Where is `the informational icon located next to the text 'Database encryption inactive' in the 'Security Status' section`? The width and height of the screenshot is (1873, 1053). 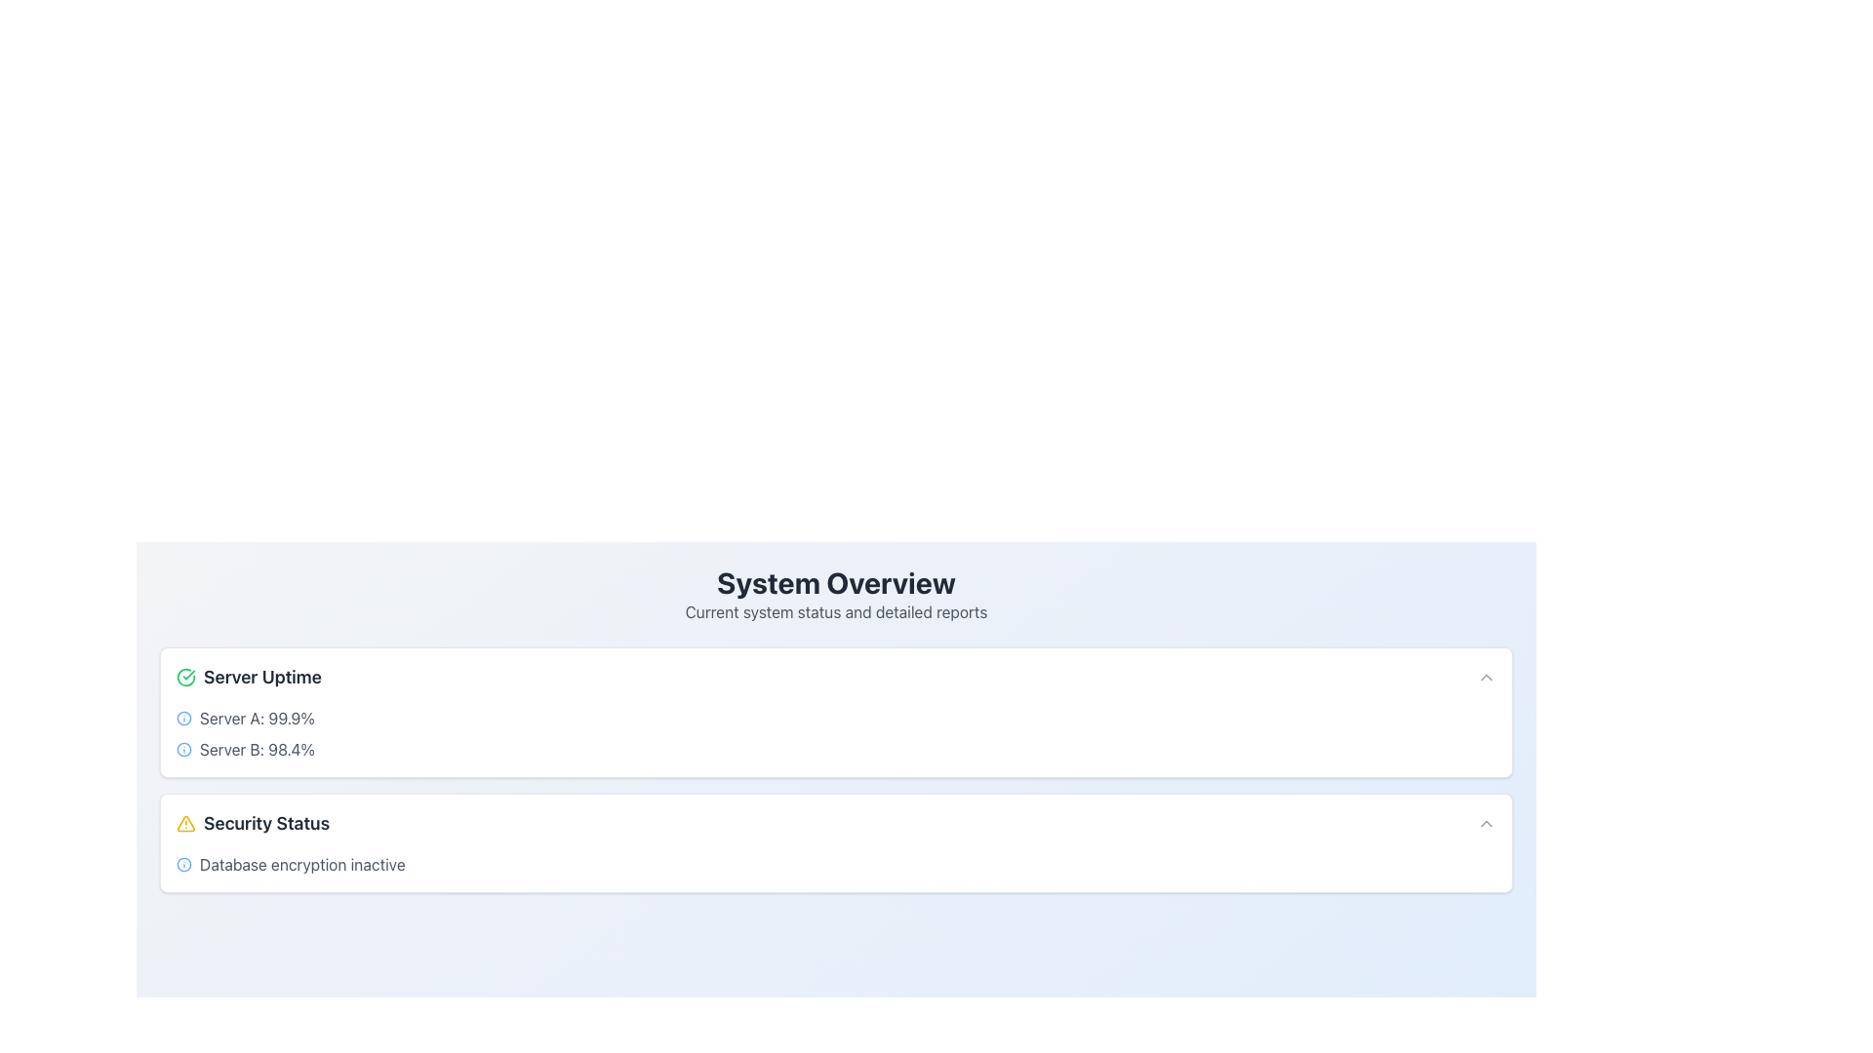 the informational icon located next to the text 'Database encryption inactive' in the 'Security Status' section is located at coordinates (183, 864).